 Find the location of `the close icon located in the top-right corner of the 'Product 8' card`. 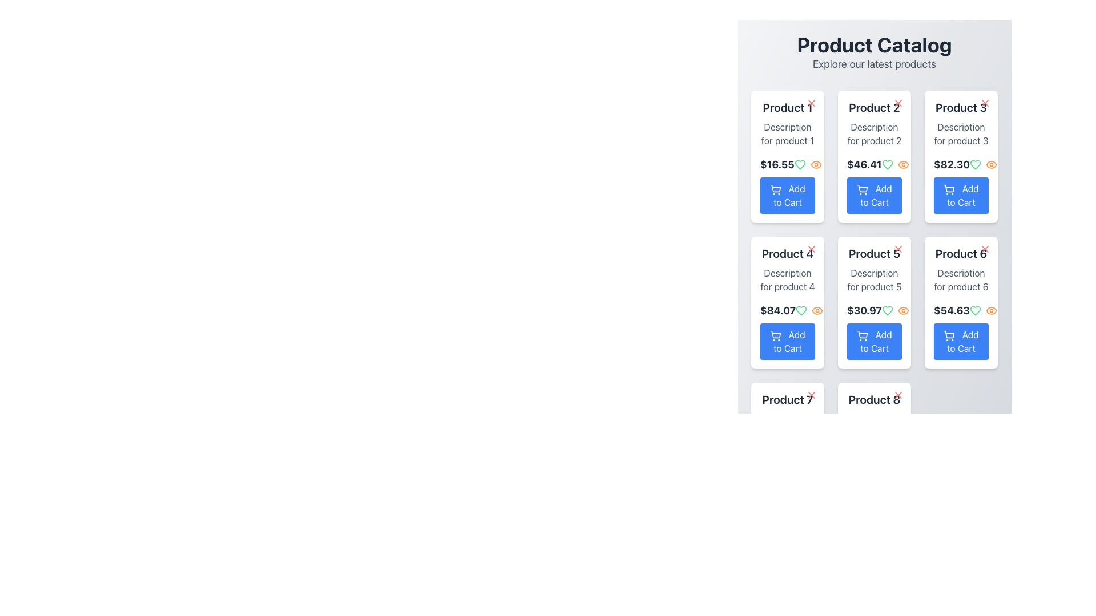

the close icon located in the top-right corner of the 'Product 8' card is located at coordinates (898, 395).